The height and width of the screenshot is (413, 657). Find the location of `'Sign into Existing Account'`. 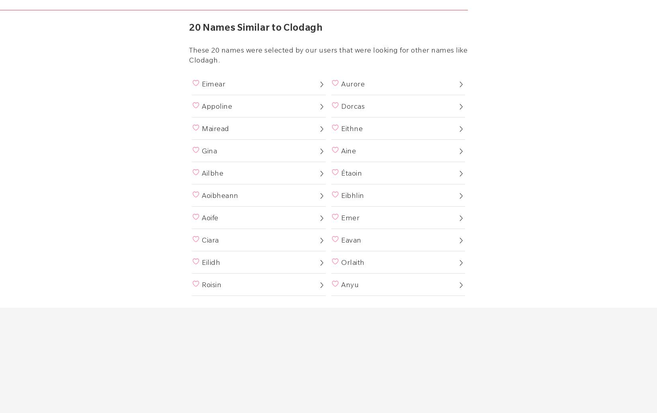

'Sign into Existing Account' is located at coordinates (309, 117).